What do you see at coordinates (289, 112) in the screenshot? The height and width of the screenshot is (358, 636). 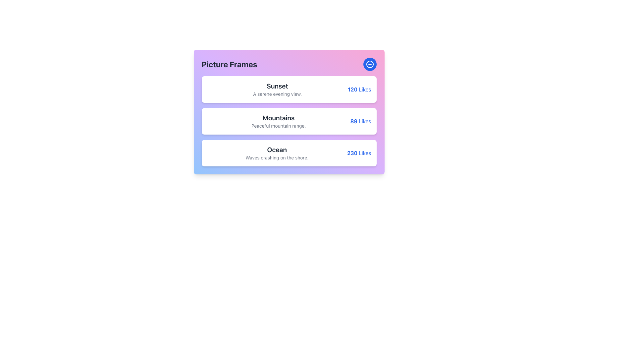 I see `the card titled 'Mountains'` at bounding box center [289, 112].